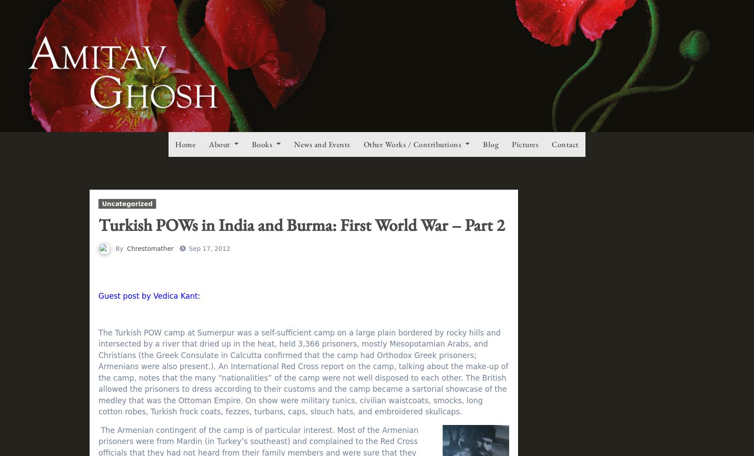 The width and height of the screenshot is (754, 456). What do you see at coordinates (247, 328) in the screenshot?
I see `'February 27, 2015 at 6:22 pm'` at bounding box center [247, 328].